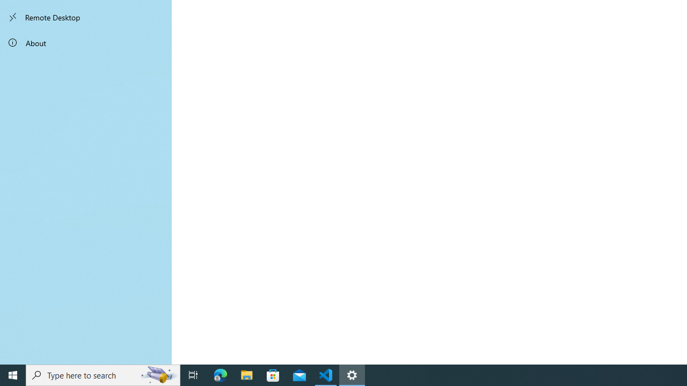  I want to click on 'Search highlights icon opens search home window', so click(158, 374).